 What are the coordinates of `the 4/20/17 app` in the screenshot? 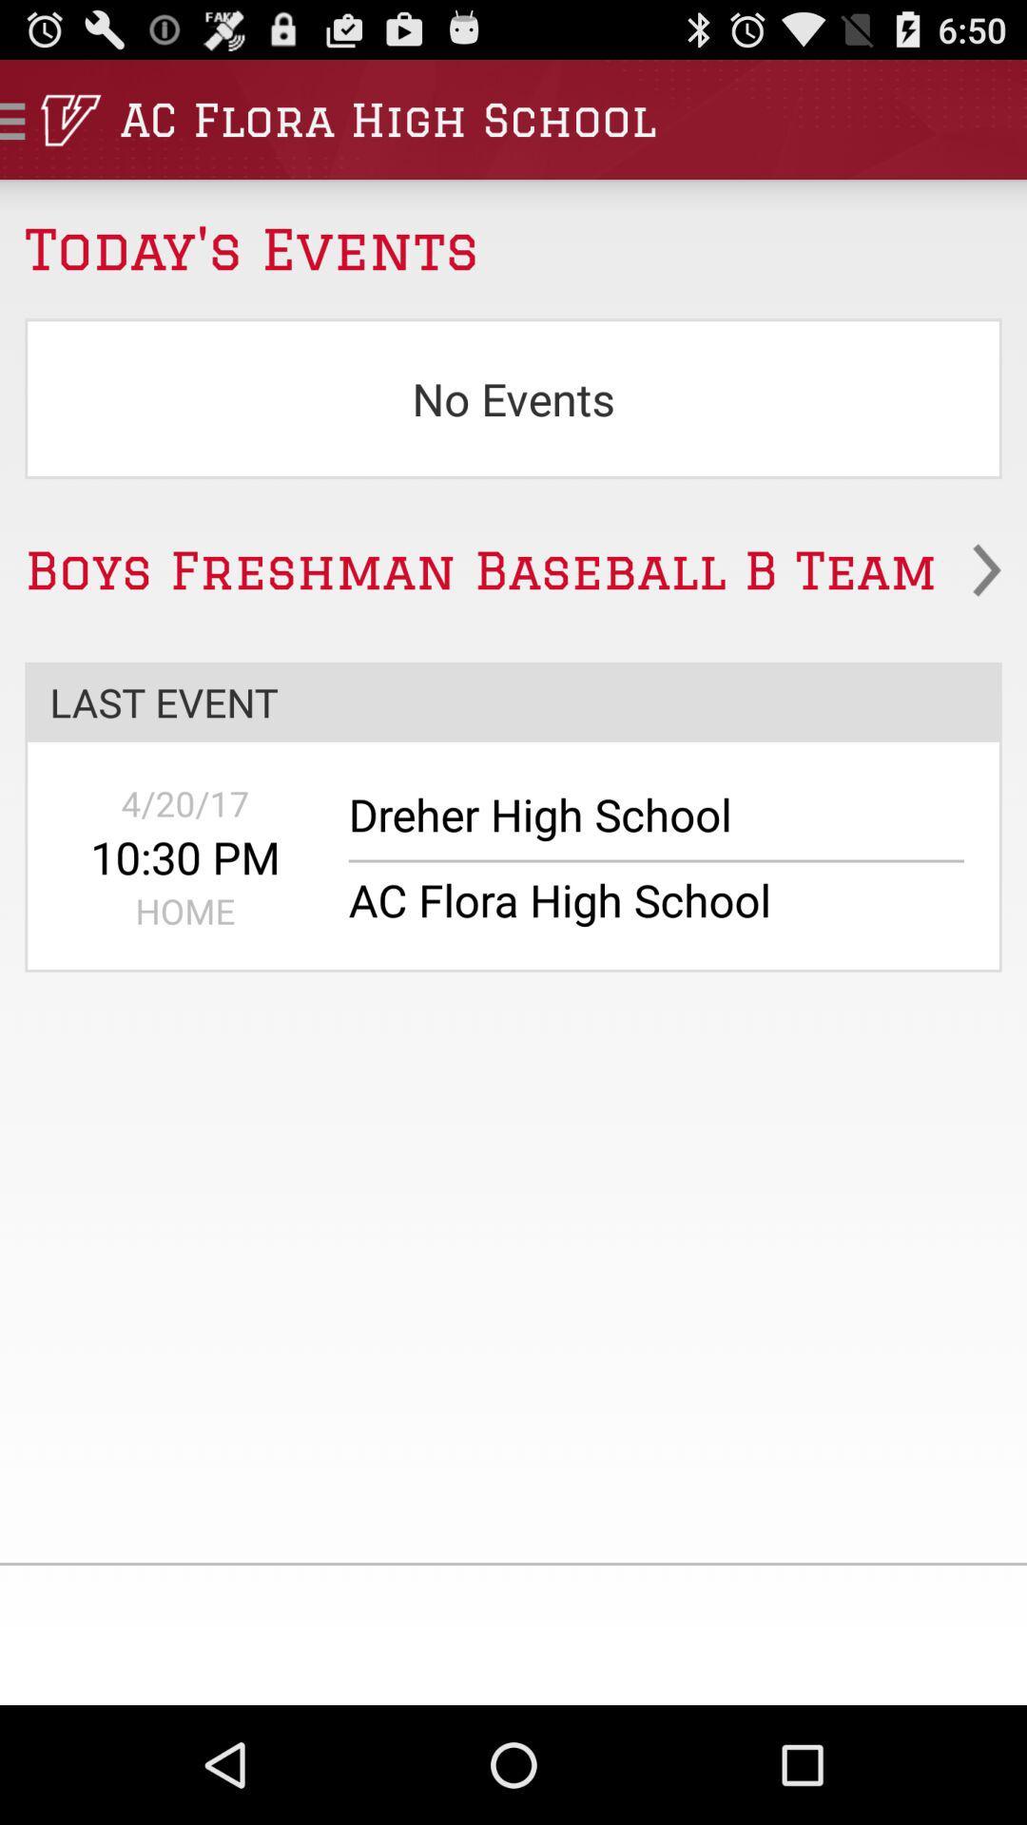 It's located at (185, 803).